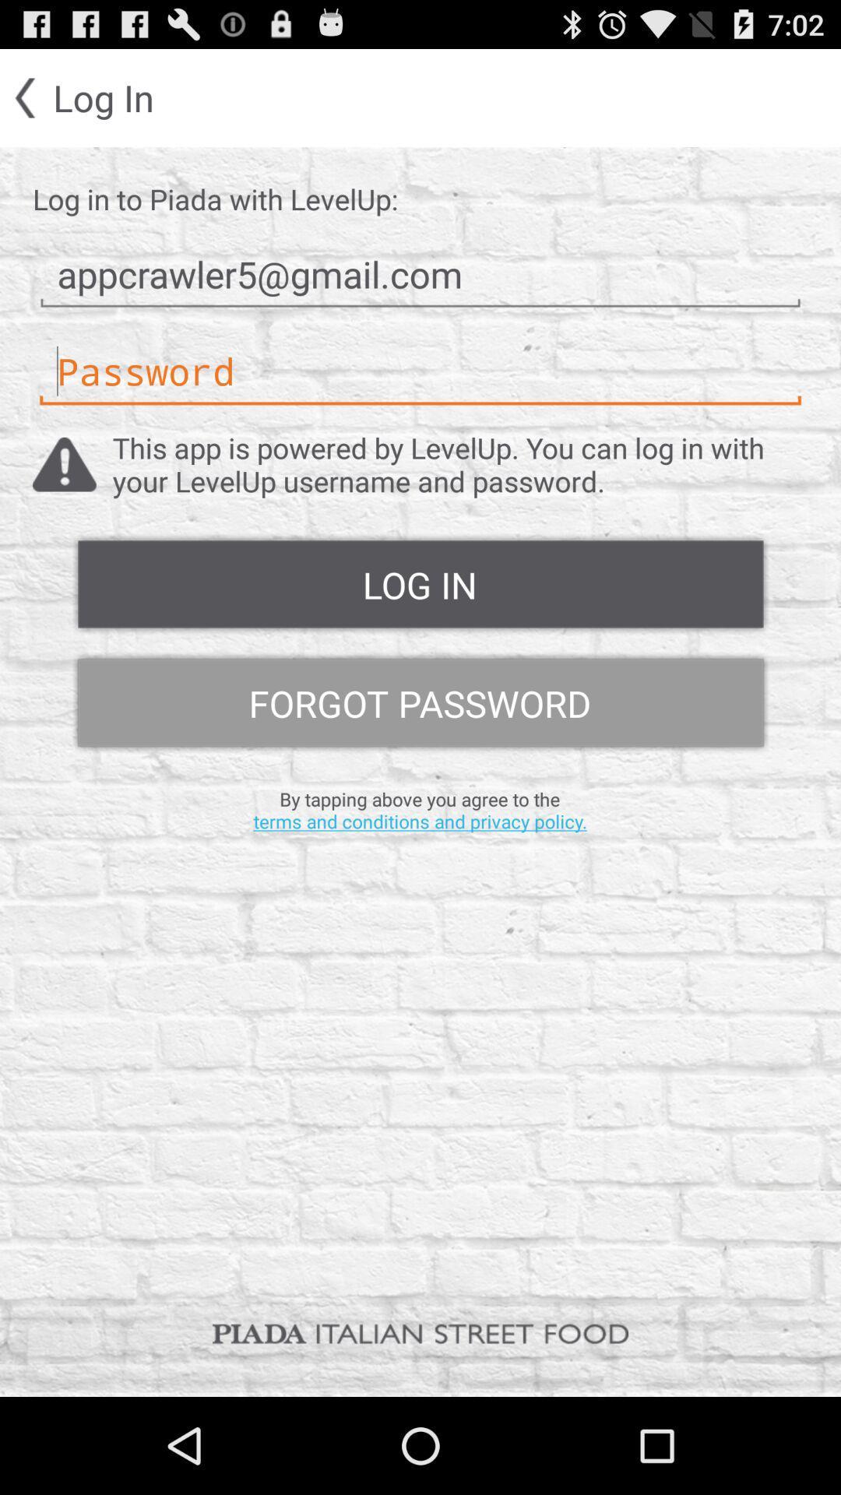 This screenshot has height=1495, width=841. Describe the element at coordinates (420, 371) in the screenshot. I see `password dialogue box` at that location.